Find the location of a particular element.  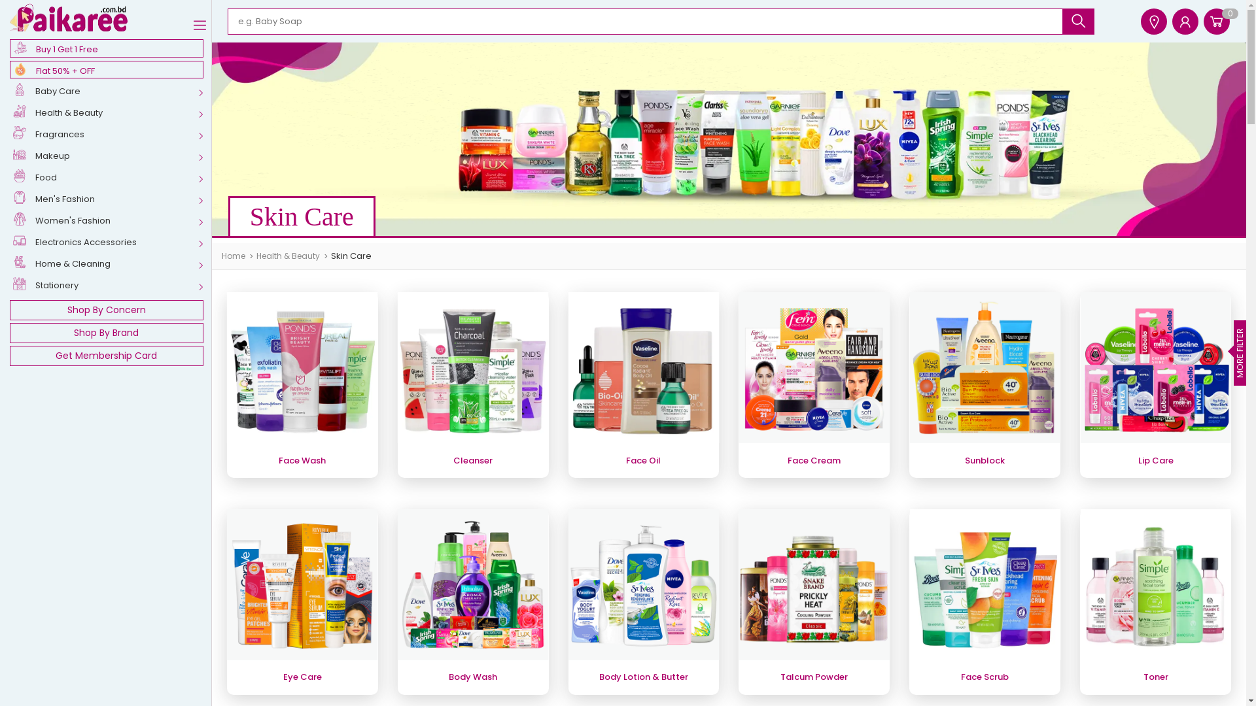

'Face Scrub' is located at coordinates (985, 602).